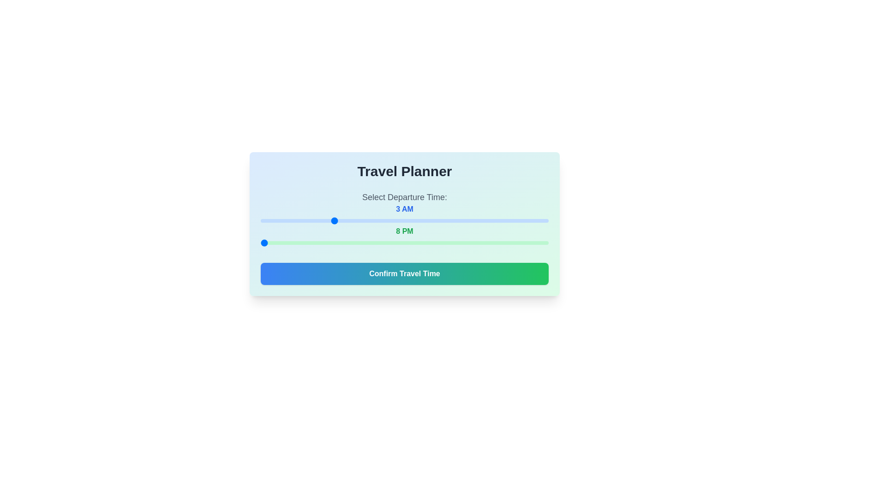 The image size is (886, 498). Describe the element at coordinates (405, 209) in the screenshot. I see `the text label displaying '3 AM' in bold blue font, which is located under the section titled 'Select Departure Time:' and above a slider control` at that location.